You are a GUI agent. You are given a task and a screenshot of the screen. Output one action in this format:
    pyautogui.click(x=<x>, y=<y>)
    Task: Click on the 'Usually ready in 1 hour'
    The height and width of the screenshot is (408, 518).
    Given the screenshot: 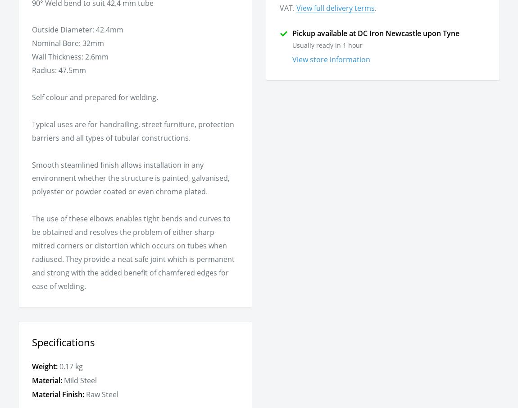 What is the action you would take?
    pyautogui.click(x=291, y=45)
    